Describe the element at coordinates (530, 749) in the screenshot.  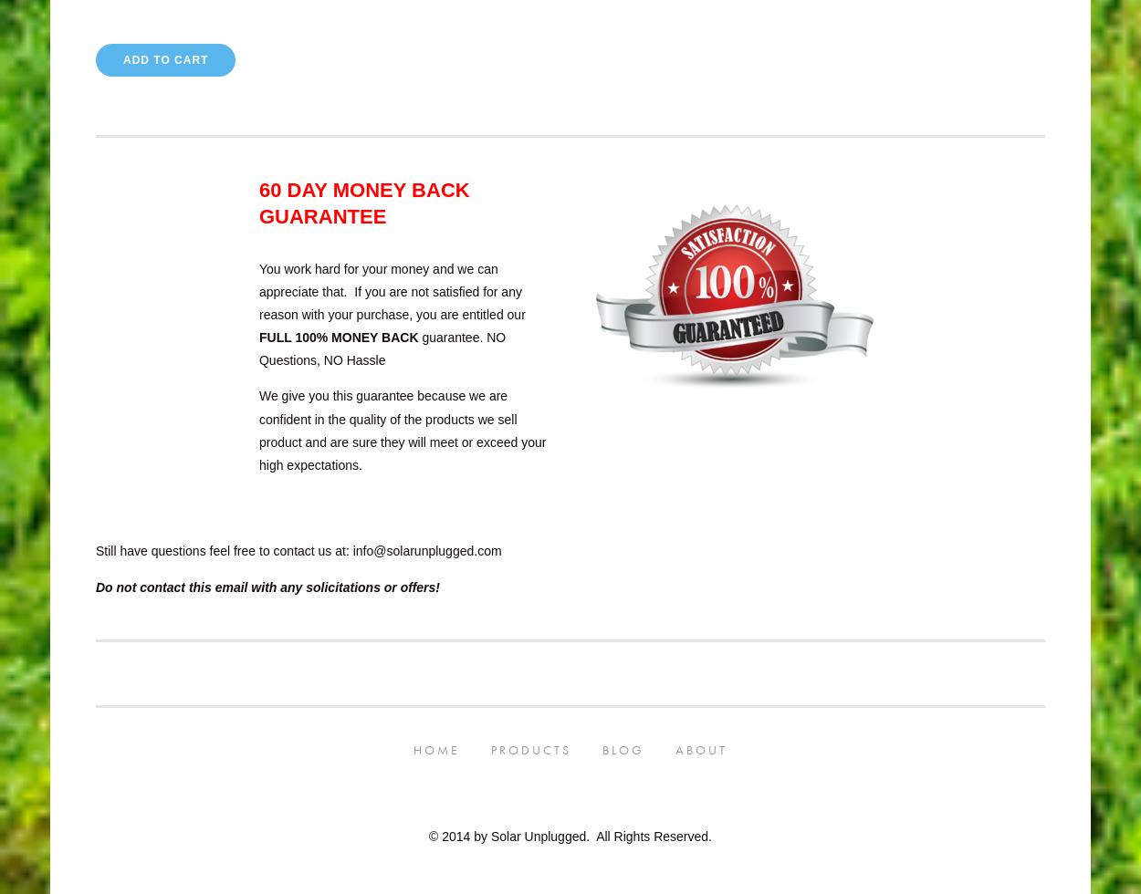
I see `'Products'` at that location.